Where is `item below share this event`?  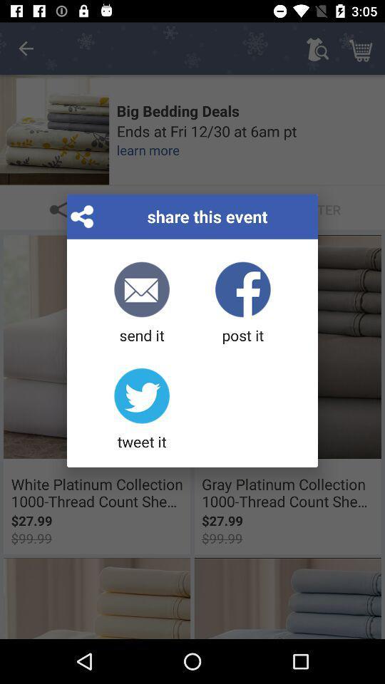 item below share this event is located at coordinates (142, 304).